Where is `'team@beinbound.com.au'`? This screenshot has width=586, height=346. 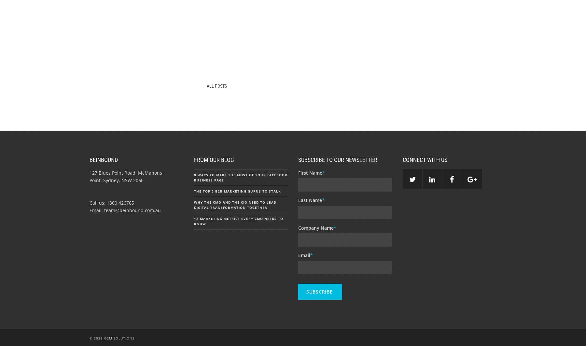
'team@beinbound.com.au' is located at coordinates (104, 210).